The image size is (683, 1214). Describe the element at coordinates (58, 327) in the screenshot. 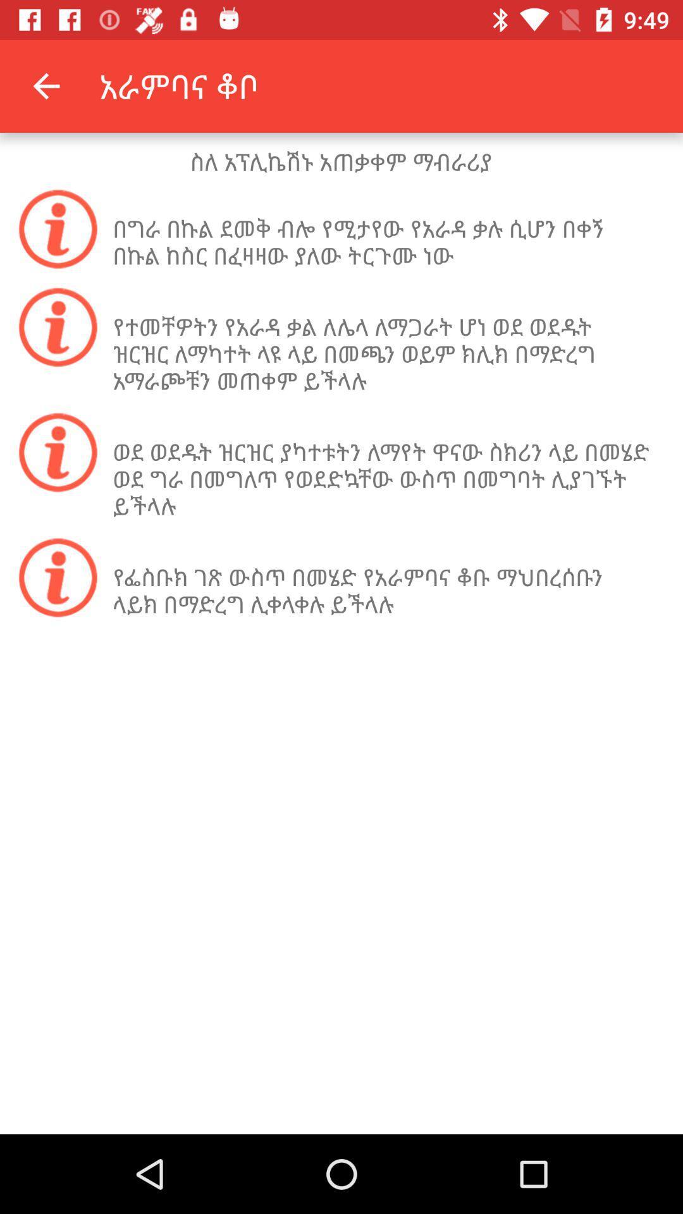

I see `the second circle with letter i inside it` at that location.